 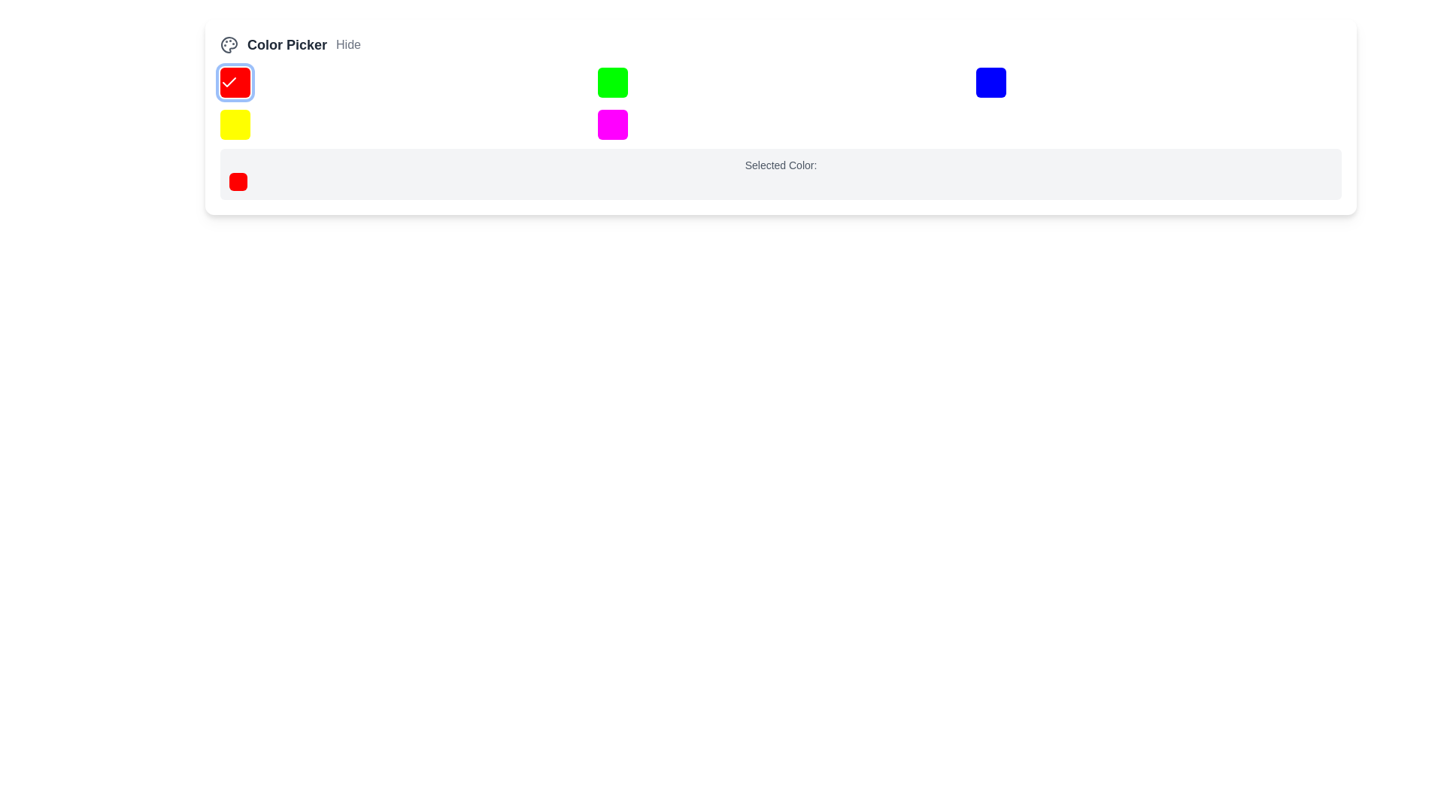 I want to click on text label 'Selected Color:' displayed in a small font size and light gray color within its rectangular panel, so click(x=781, y=165).